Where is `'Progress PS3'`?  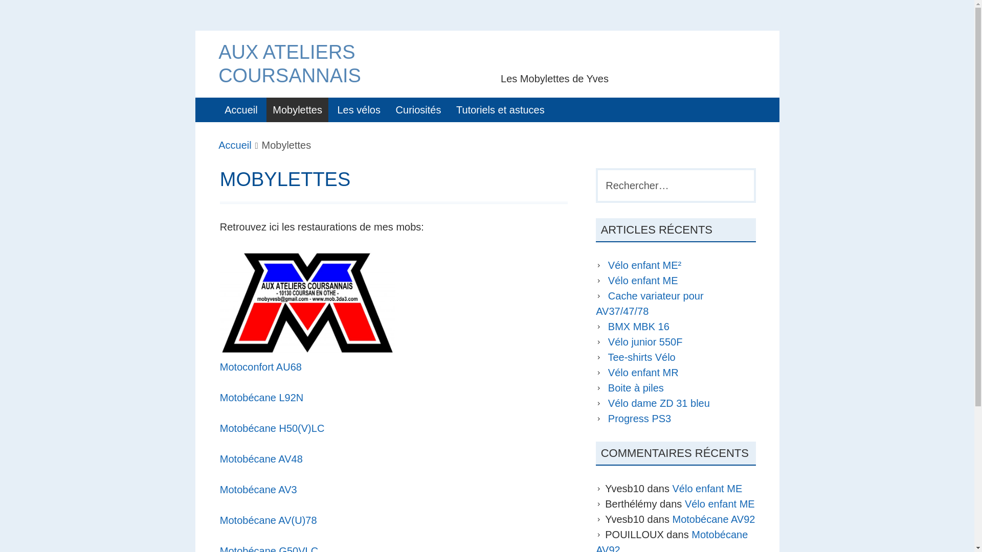
'Progress PS3' is located at coordinates (639, 418).